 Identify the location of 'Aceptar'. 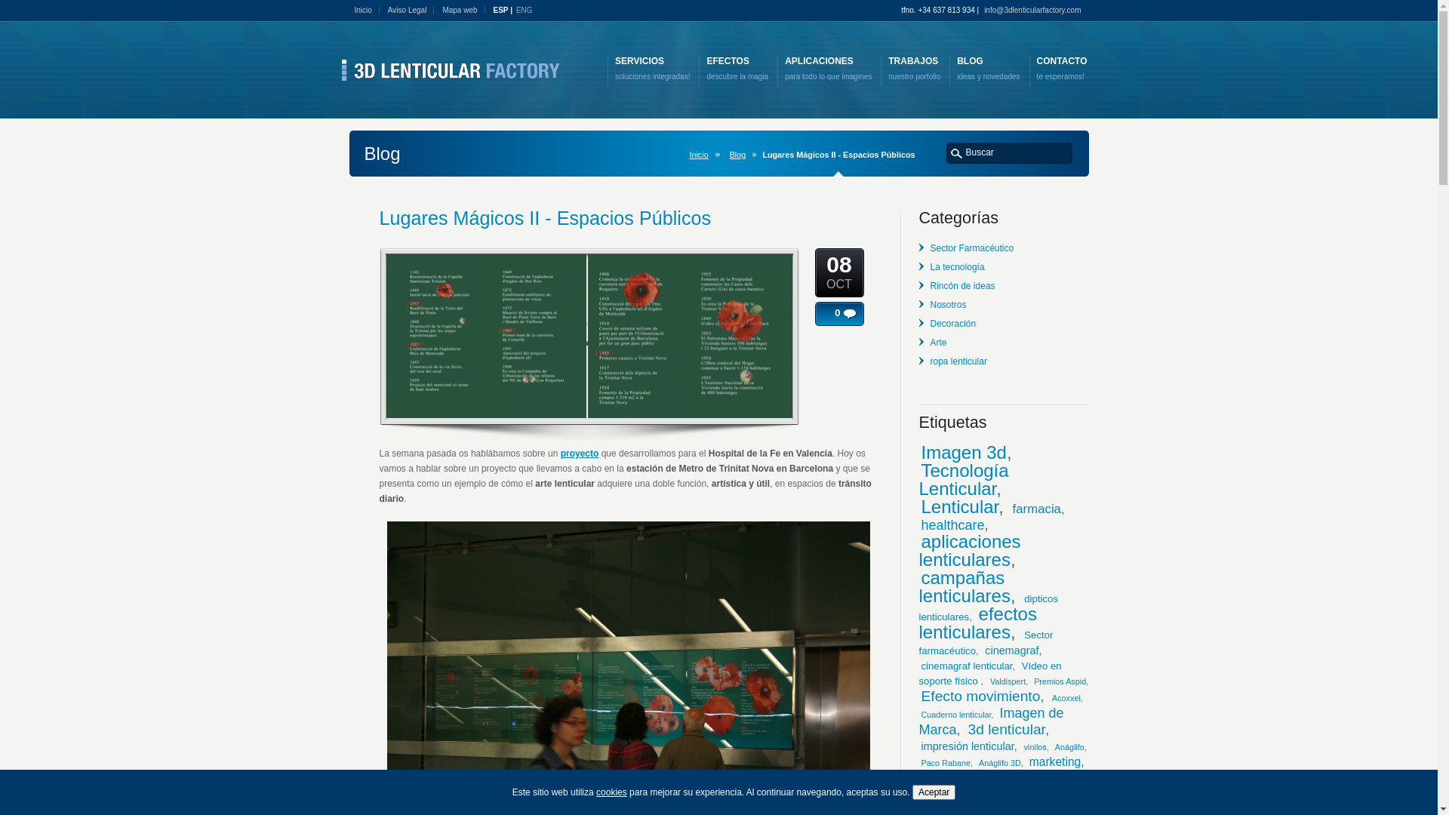
(933, 791).